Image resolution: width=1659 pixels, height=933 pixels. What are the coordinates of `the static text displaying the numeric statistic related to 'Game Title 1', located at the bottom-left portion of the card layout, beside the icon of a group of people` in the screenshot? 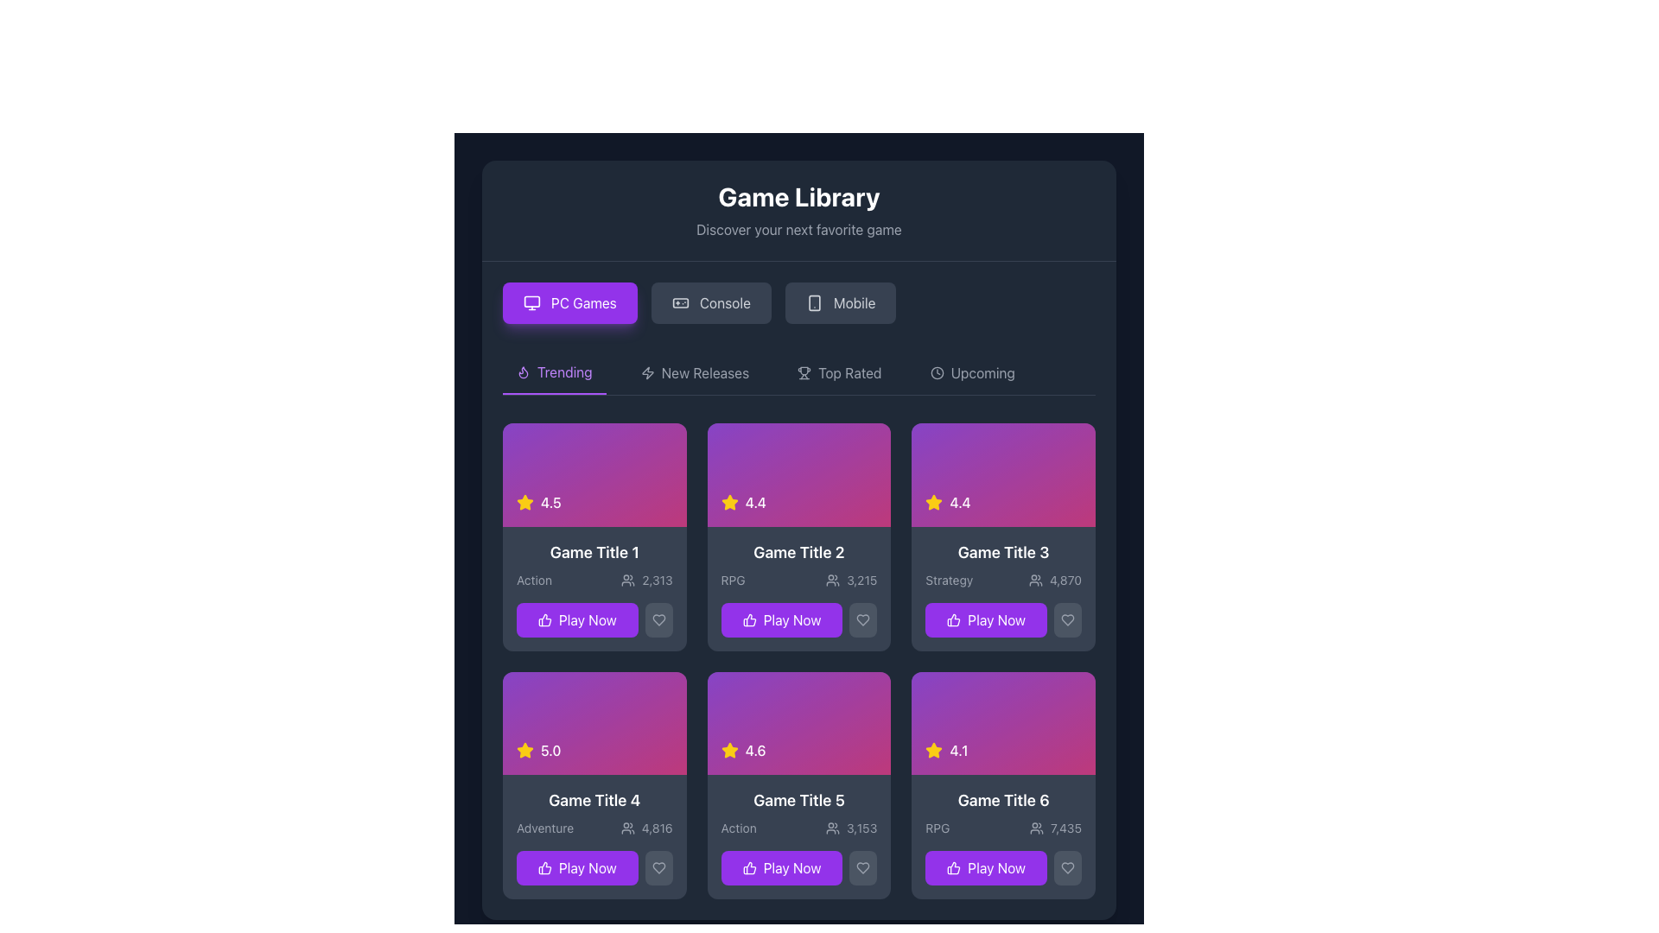 It's located at (657, 580).